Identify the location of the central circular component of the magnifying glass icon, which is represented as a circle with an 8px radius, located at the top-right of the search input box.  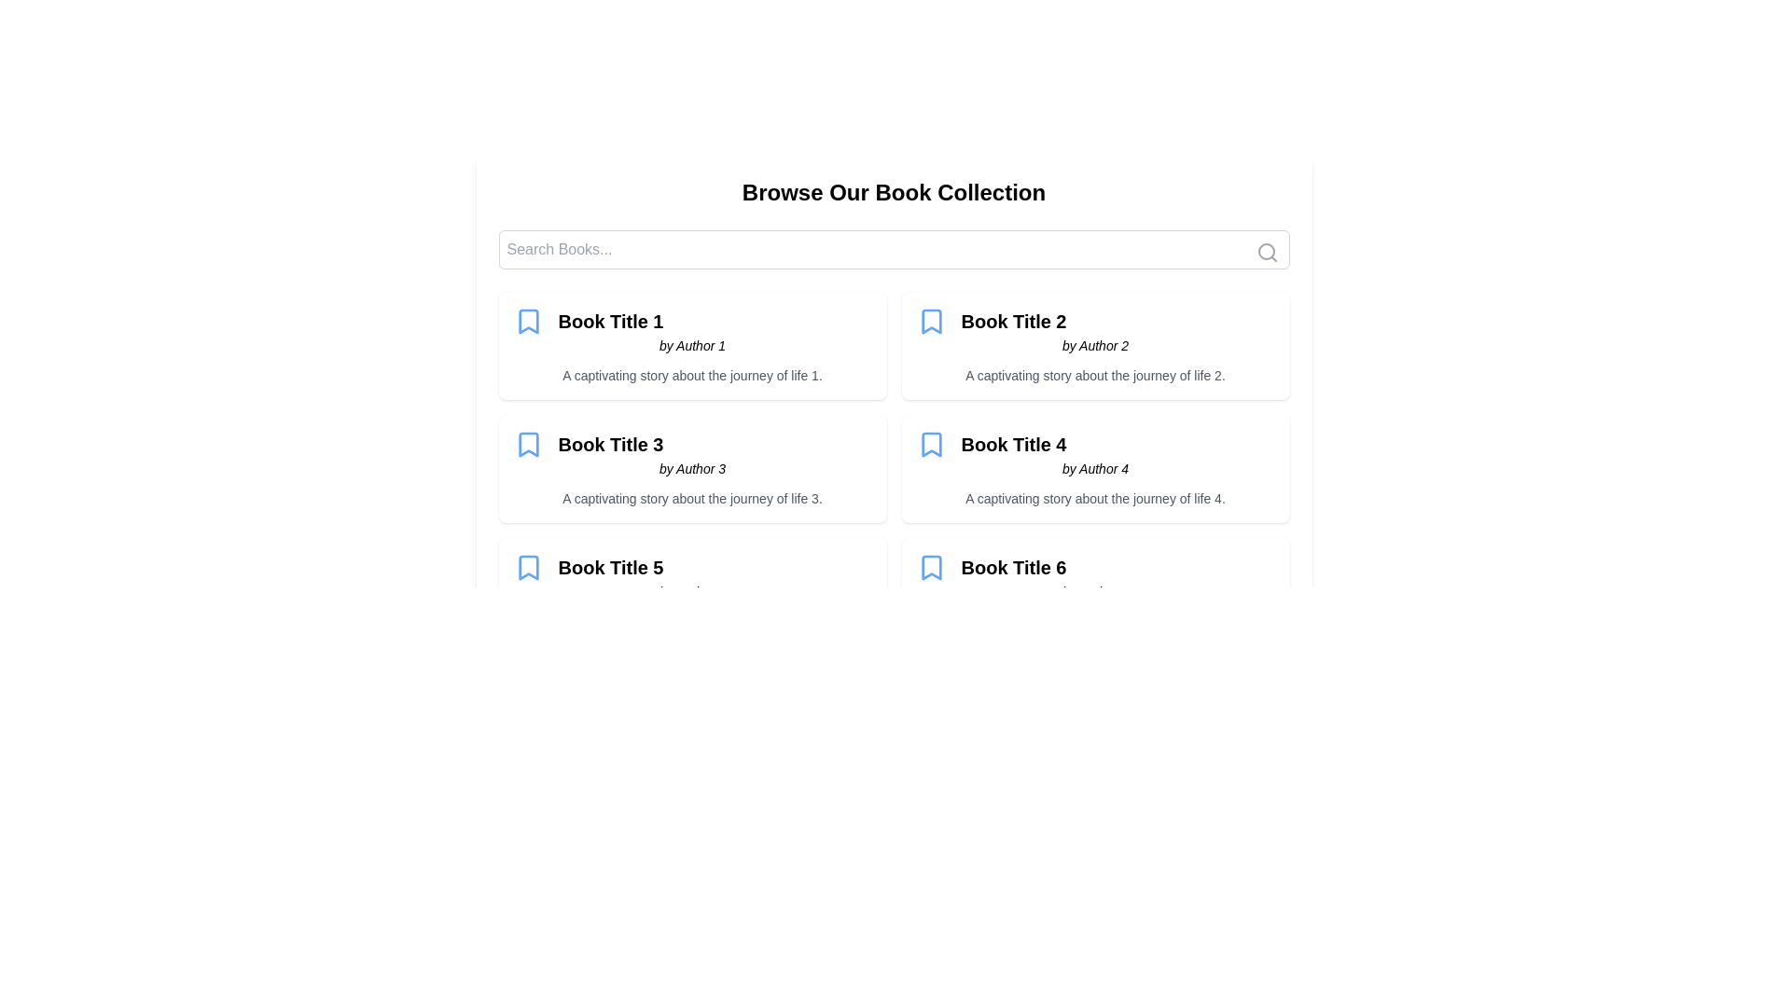
(1266, 252).